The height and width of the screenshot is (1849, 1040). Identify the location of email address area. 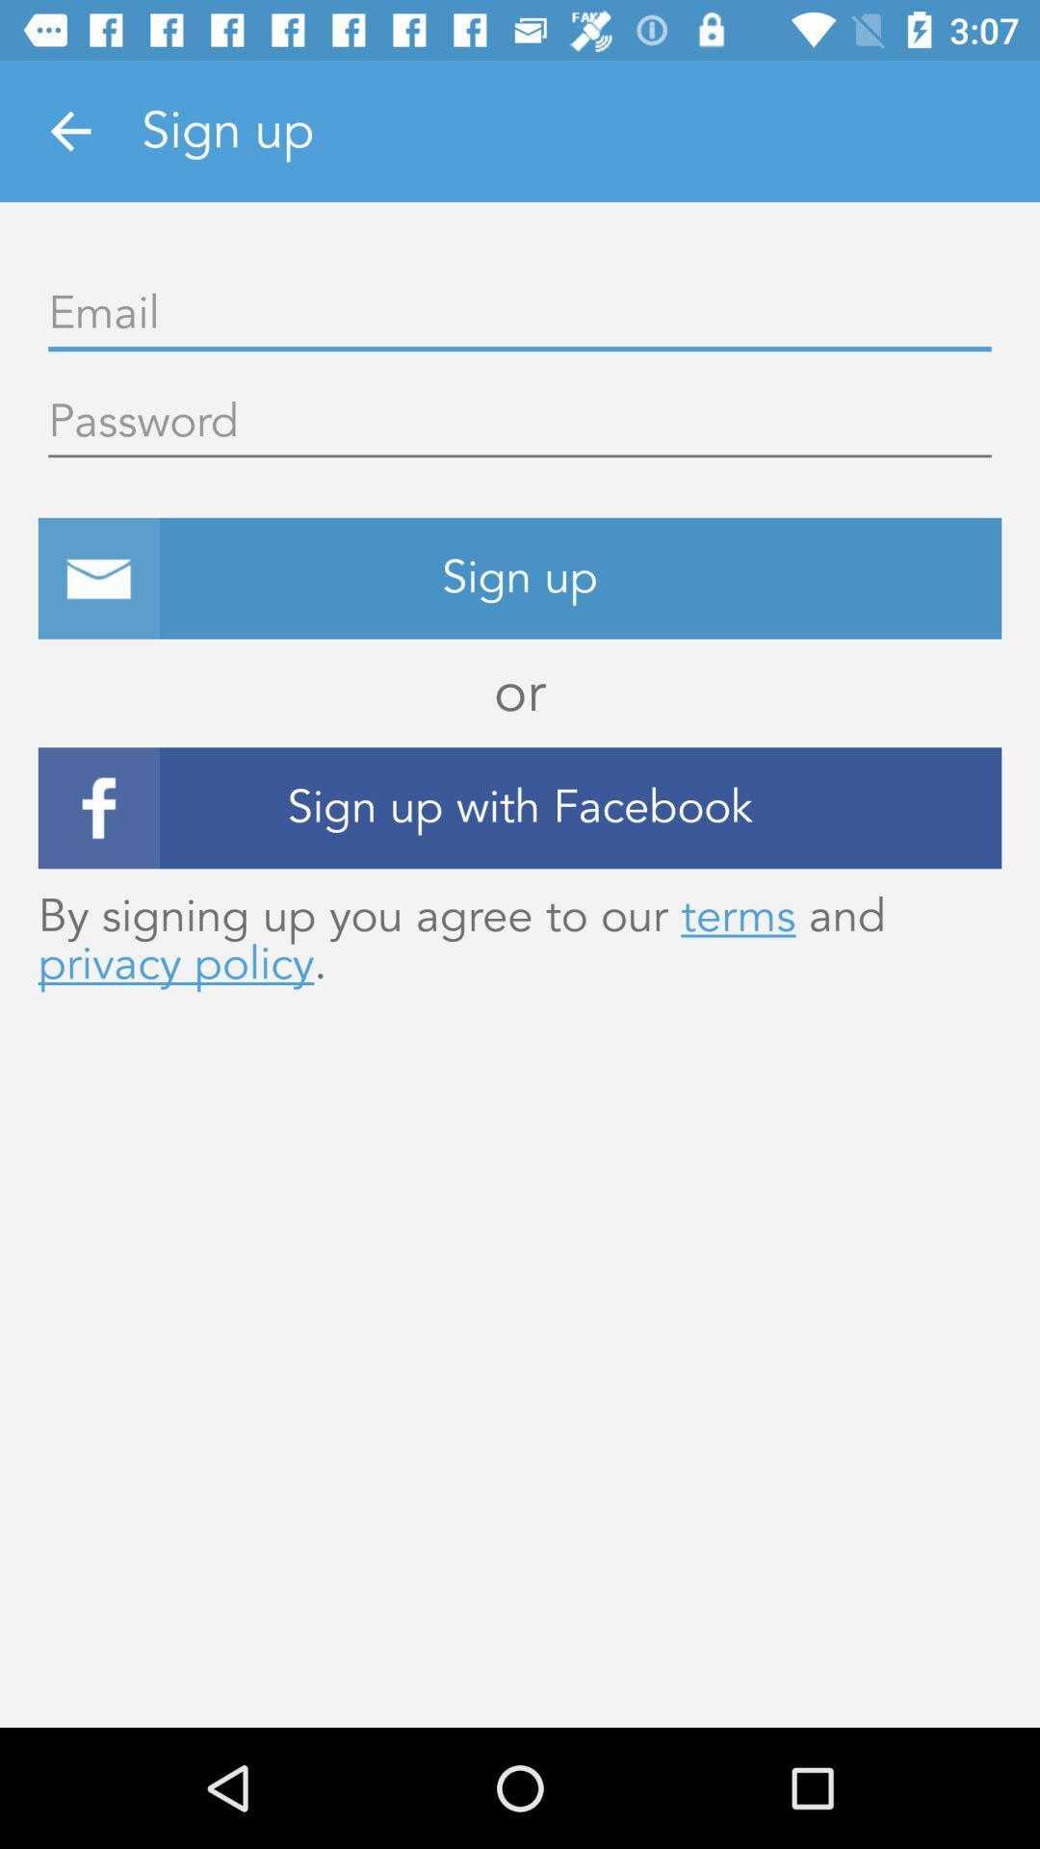
(520, 314).